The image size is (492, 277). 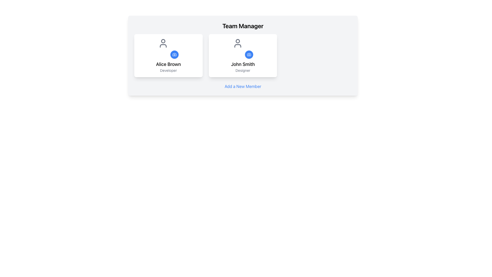 I want to click on the call-to-action textual link located at the bottom of the grid layout, below team members 'Alice Brown' and 'John Smith', to initiate the process of adding a new team member, so click(x=242, y=86).